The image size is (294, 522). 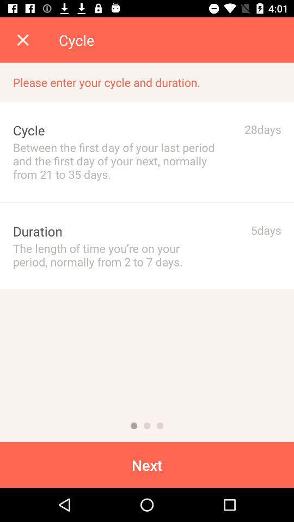 I want to click on preview next, so click(x=160, y=426).